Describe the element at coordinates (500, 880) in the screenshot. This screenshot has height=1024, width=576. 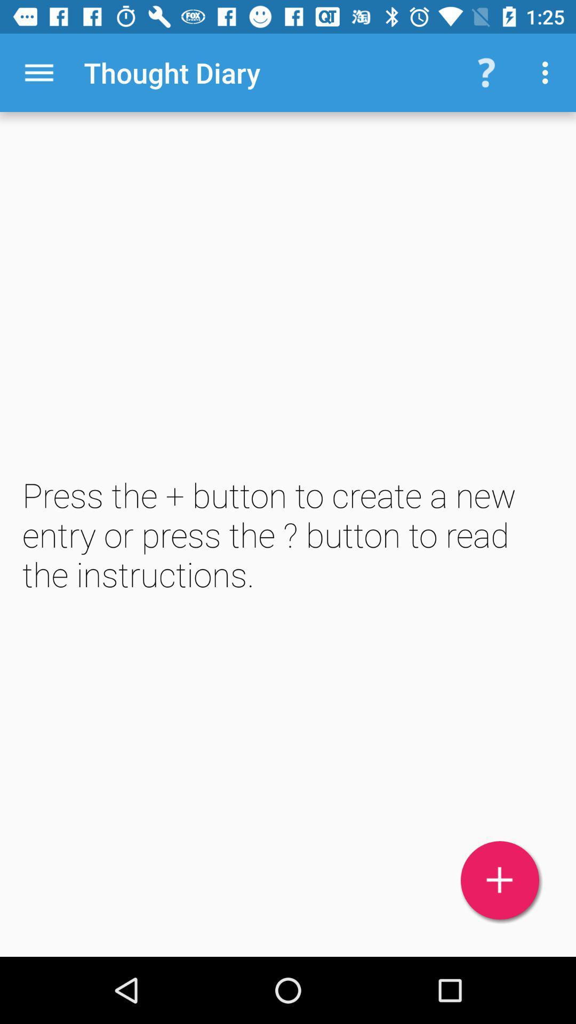
I see `the icon at the bottom right corner` at that location.